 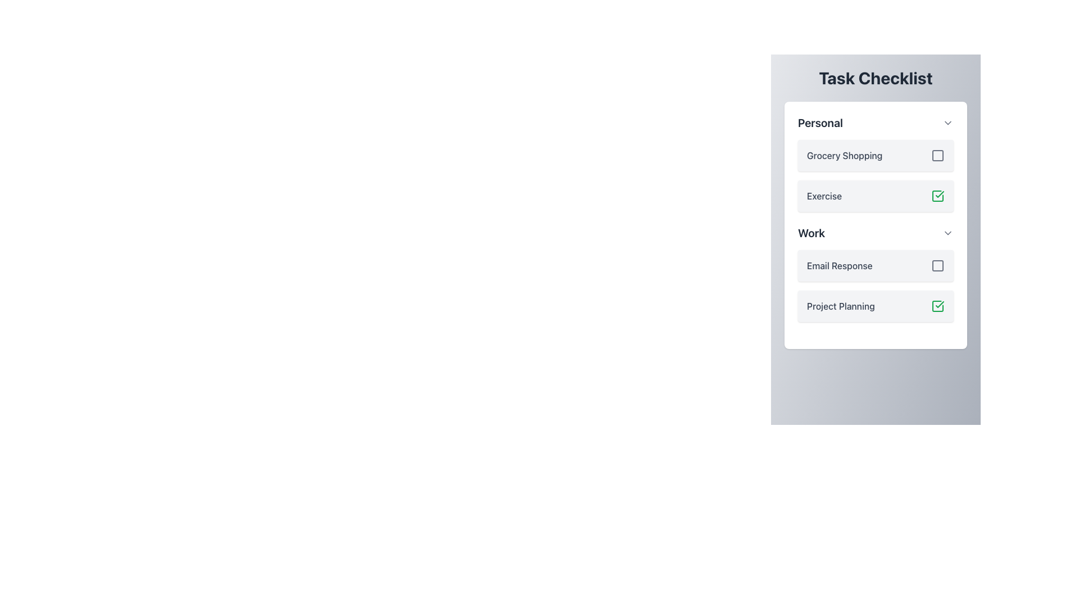 What do you see at coordinates (938, 266) in the screenshot?
I see `the checkbox located next to the 'Email Response' text in the 'Work' section of the task checklist panel` at bounding box center [938, 266].